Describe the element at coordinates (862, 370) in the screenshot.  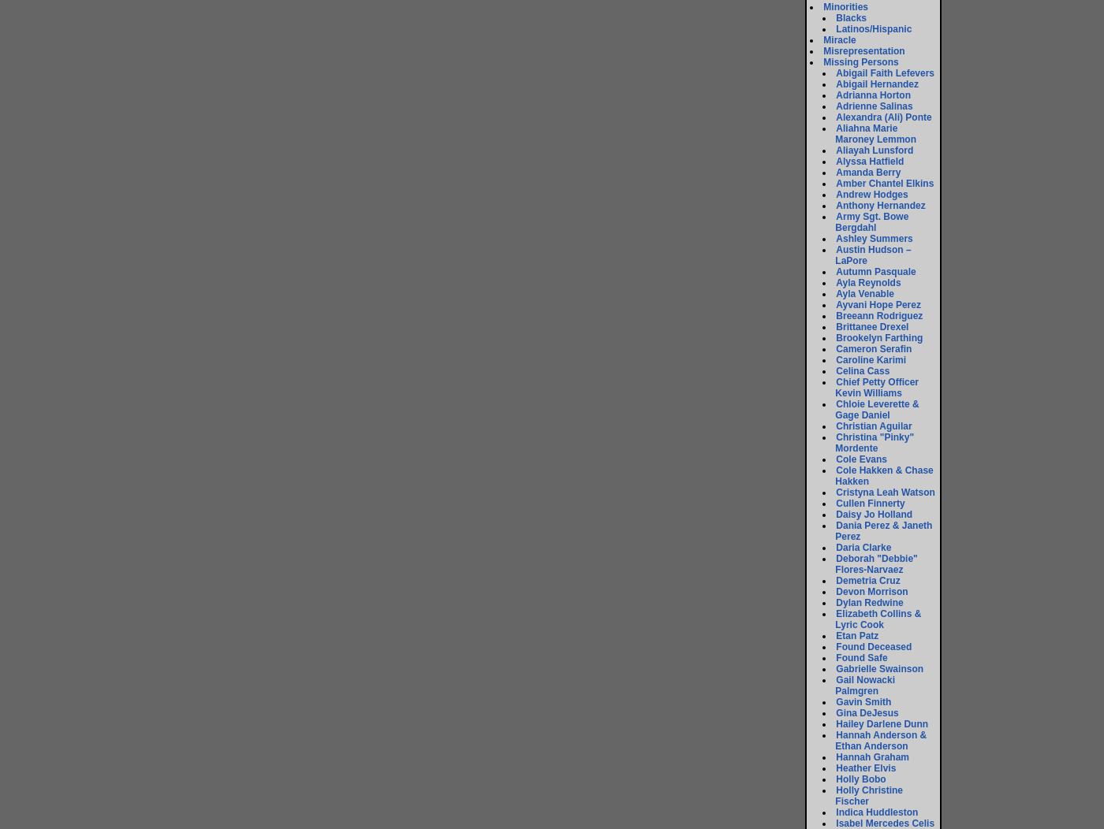
I see `'Celina Cass'` at that location.